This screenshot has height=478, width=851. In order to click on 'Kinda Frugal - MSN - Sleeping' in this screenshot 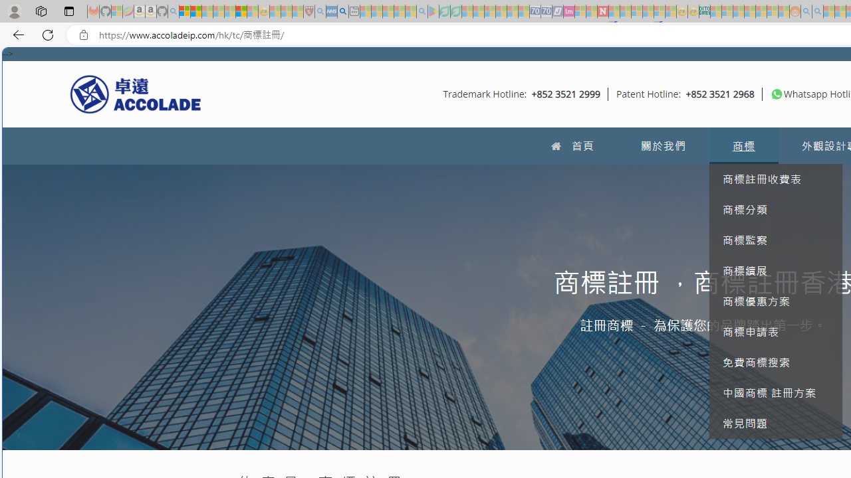, I will do `click(761, 11)`.